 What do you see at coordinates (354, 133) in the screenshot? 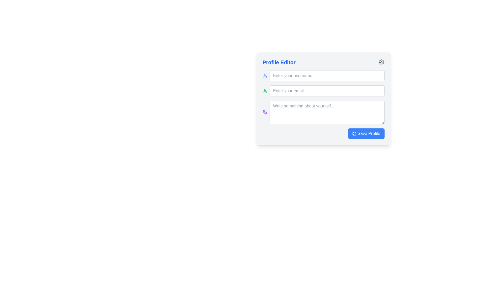
I see `the blue floppy disk icon located to the left of the 'Save Profile' button in the 'Profile Editor' interface` at bounding box center [354, 133].